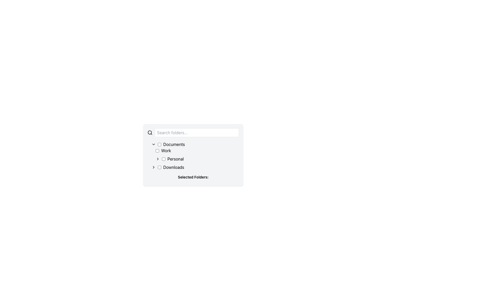  I want to click on the label for the 'Work' folder, which is positioned beneath the 'Documents' folder and above the 'Personal' folder in the vertical file list interface, and is immediately to the right of a checkbox, so click(166, 150).